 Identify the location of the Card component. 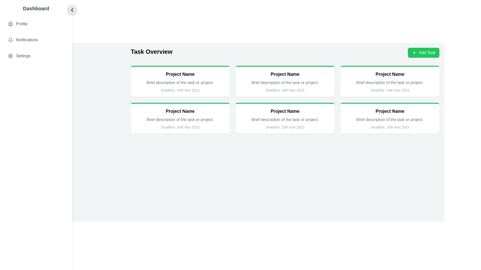
(180, 81).